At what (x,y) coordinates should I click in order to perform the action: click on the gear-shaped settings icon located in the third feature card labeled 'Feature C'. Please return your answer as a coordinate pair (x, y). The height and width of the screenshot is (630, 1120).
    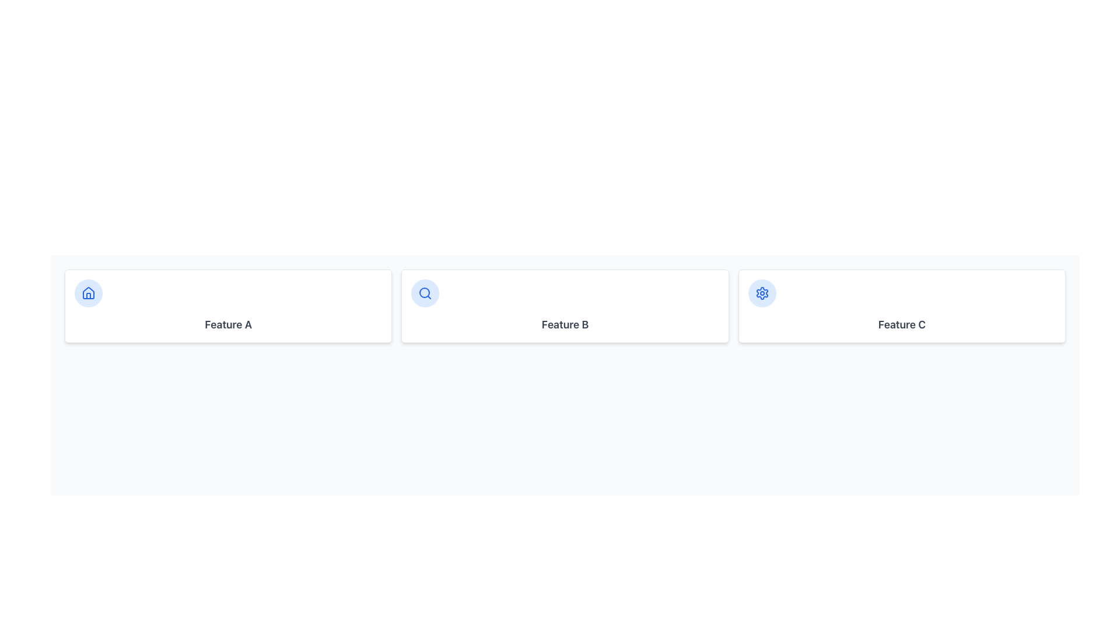
    Looking at the image, I should click on (762, 292).